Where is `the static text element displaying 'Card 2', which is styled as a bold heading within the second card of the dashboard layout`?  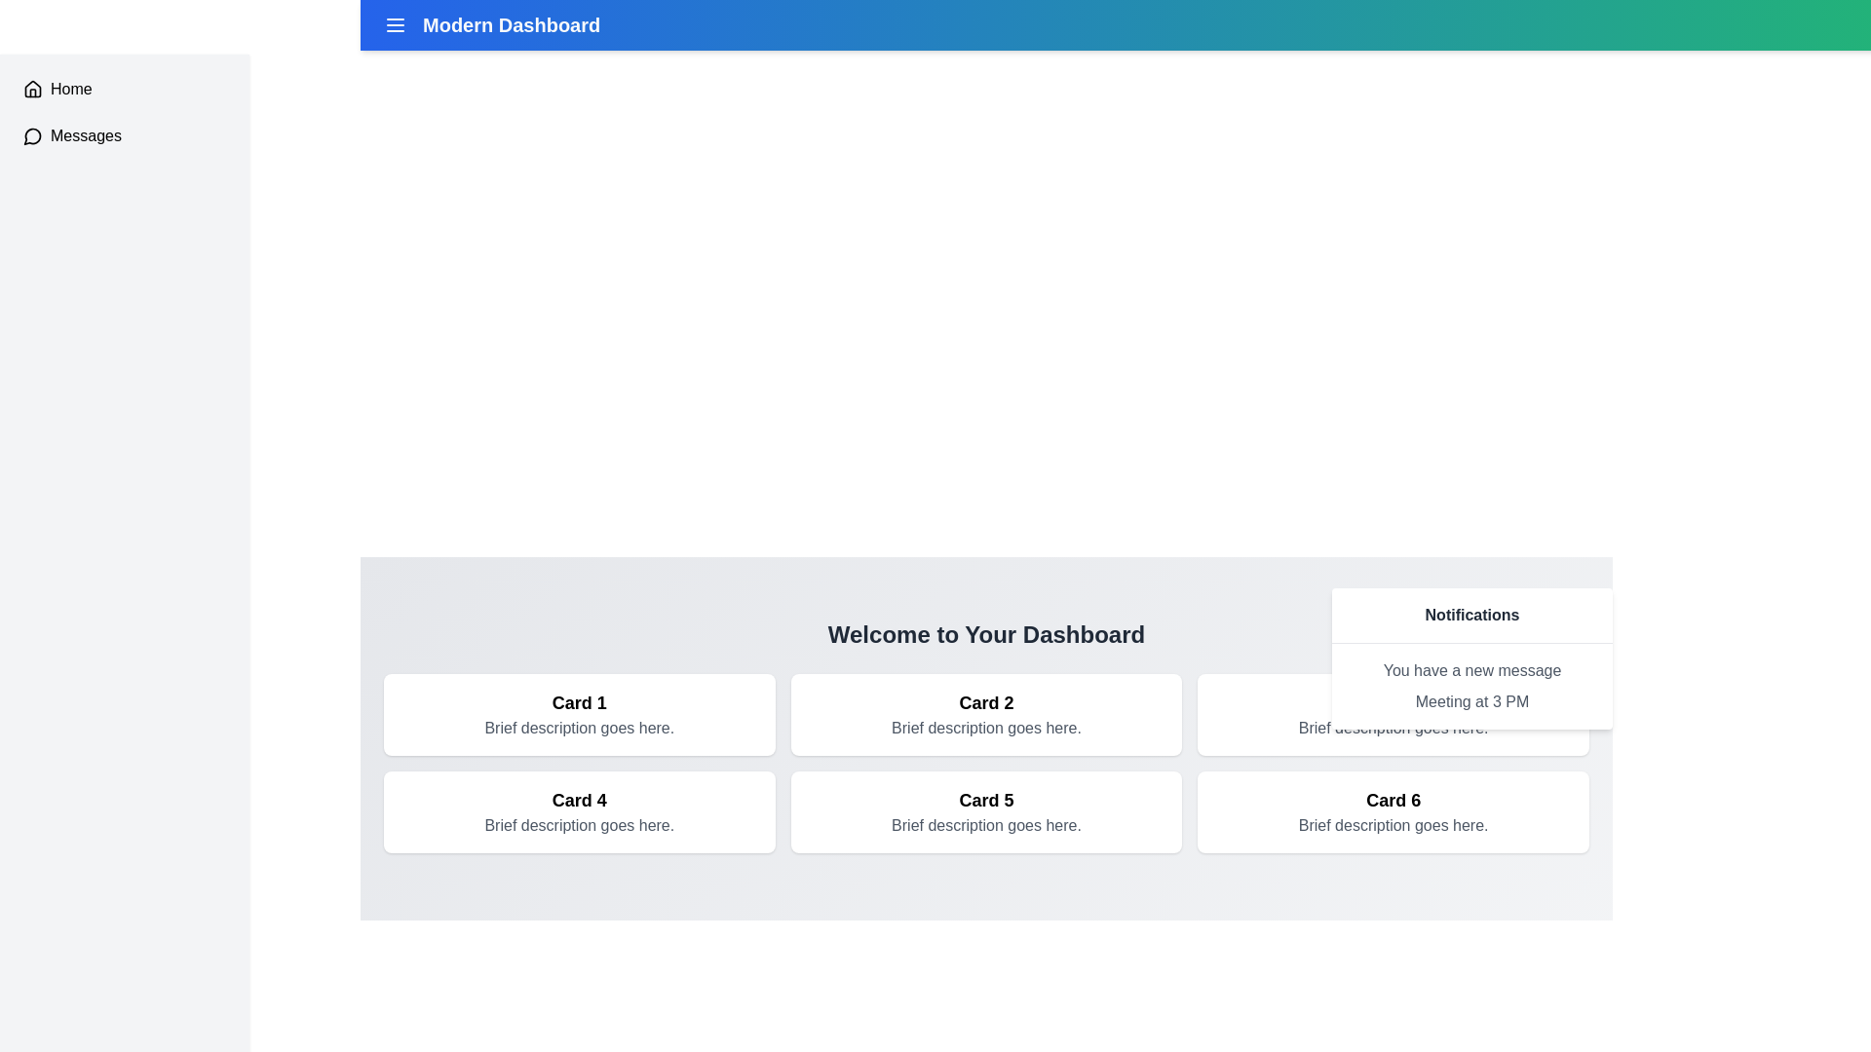 the static text element displaying 'Card 2', which is styled as a bold heading within the second card of the dashboard layout is located at coordinates (986, 702).